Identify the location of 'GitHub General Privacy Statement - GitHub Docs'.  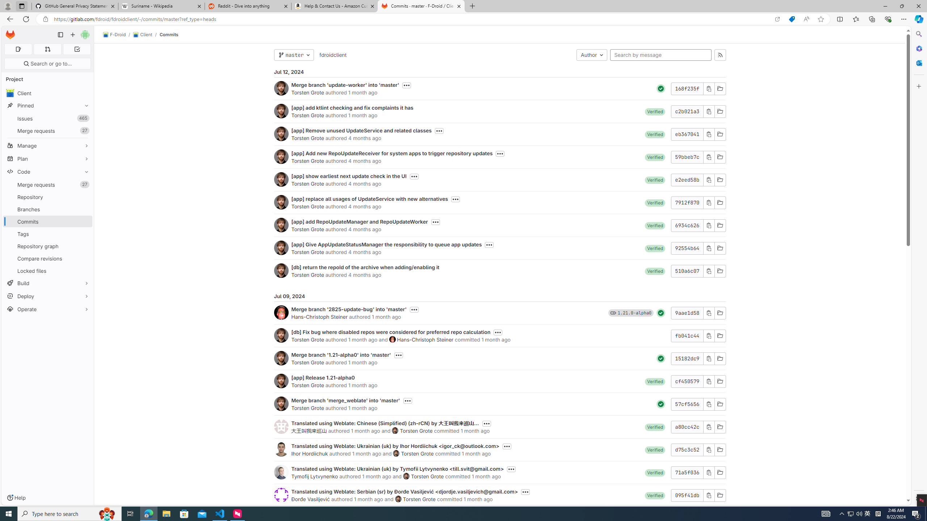
(75, 6).